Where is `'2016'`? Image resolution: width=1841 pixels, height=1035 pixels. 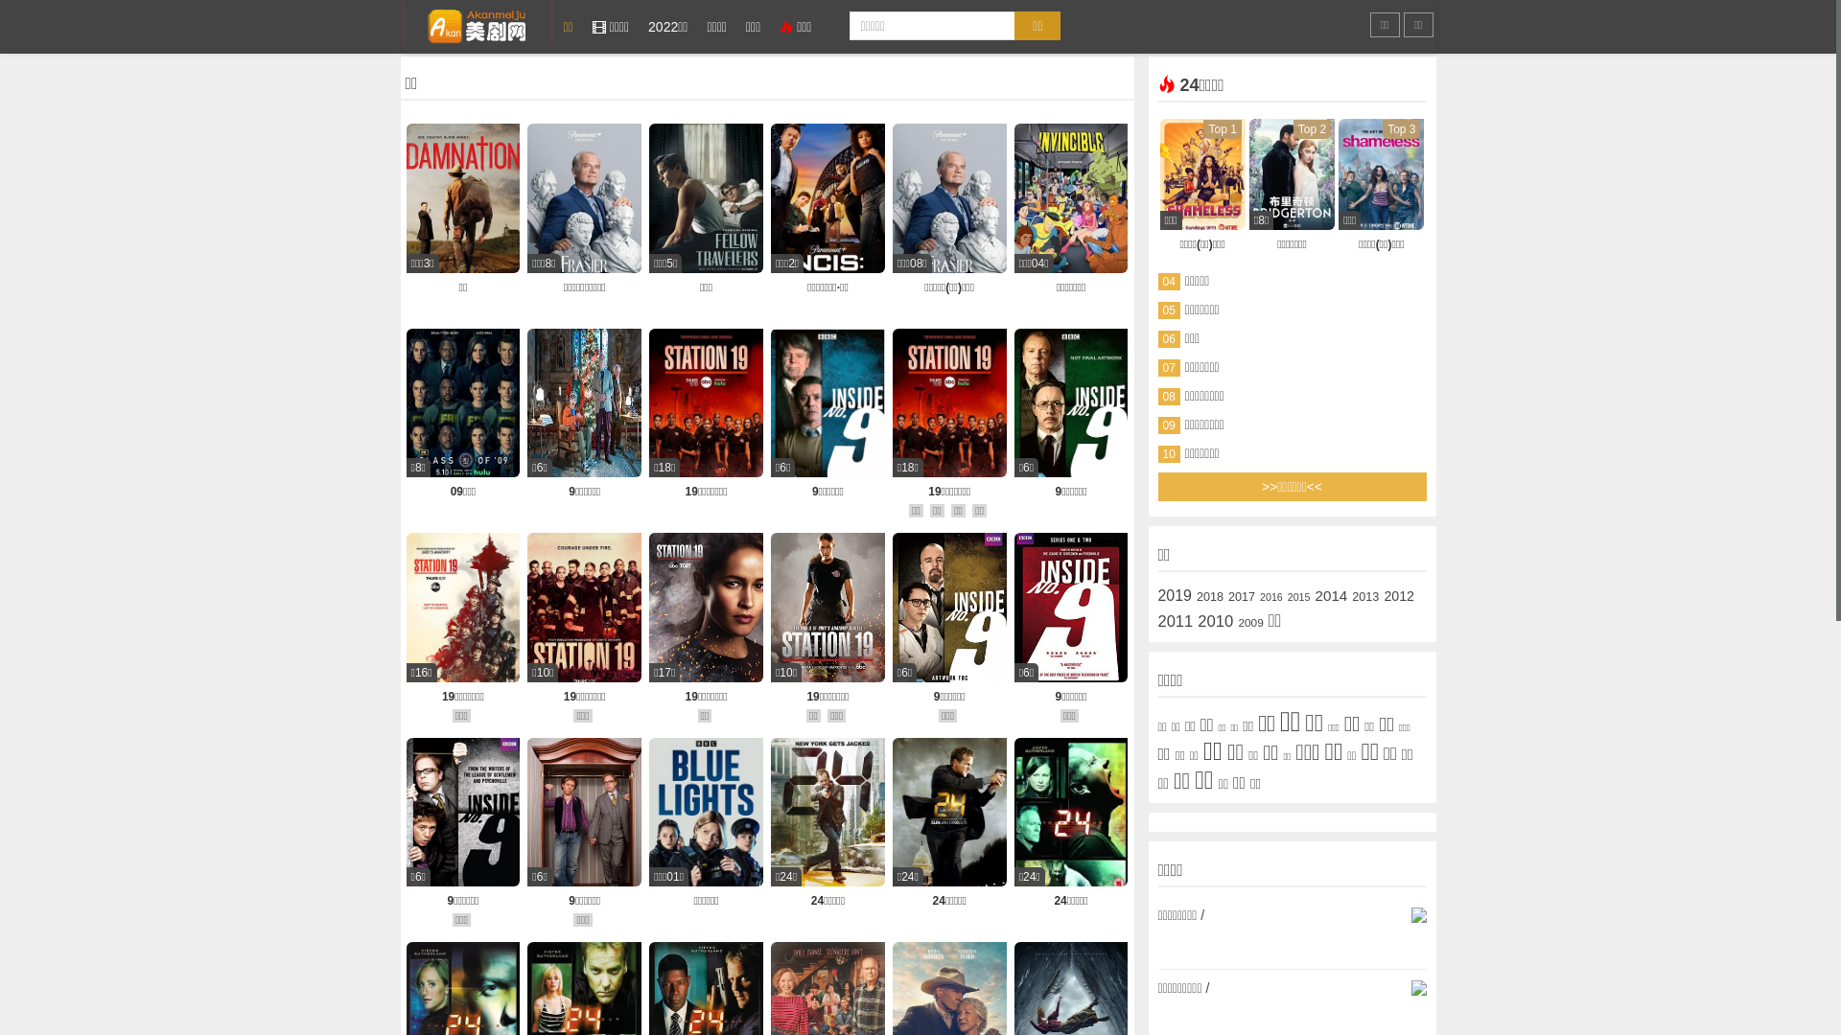 '2016' is located at coordinates (1270, 596).